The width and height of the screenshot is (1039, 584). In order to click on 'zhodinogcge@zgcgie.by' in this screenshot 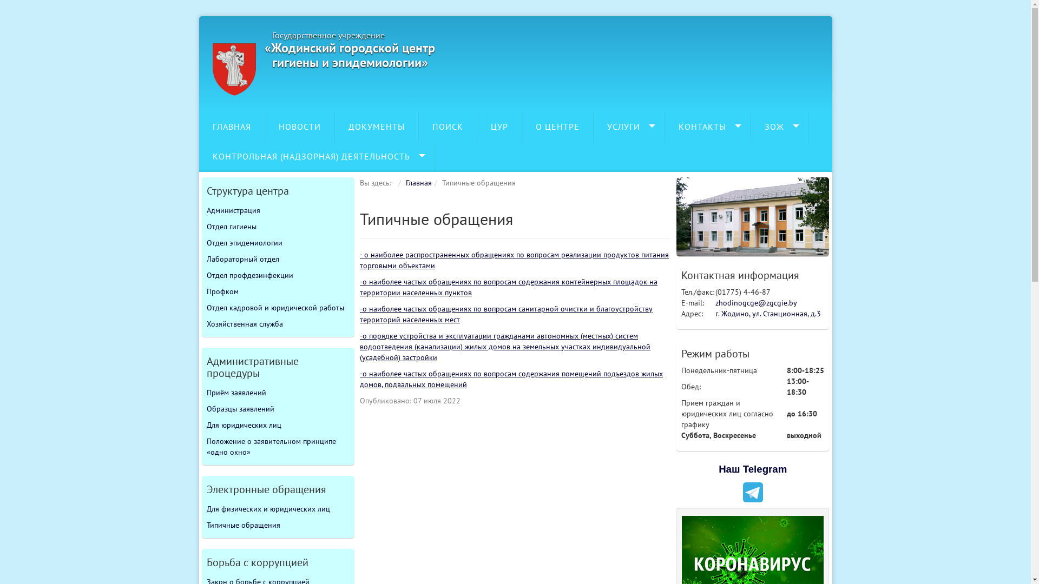, I will do `click(715, 302)`.